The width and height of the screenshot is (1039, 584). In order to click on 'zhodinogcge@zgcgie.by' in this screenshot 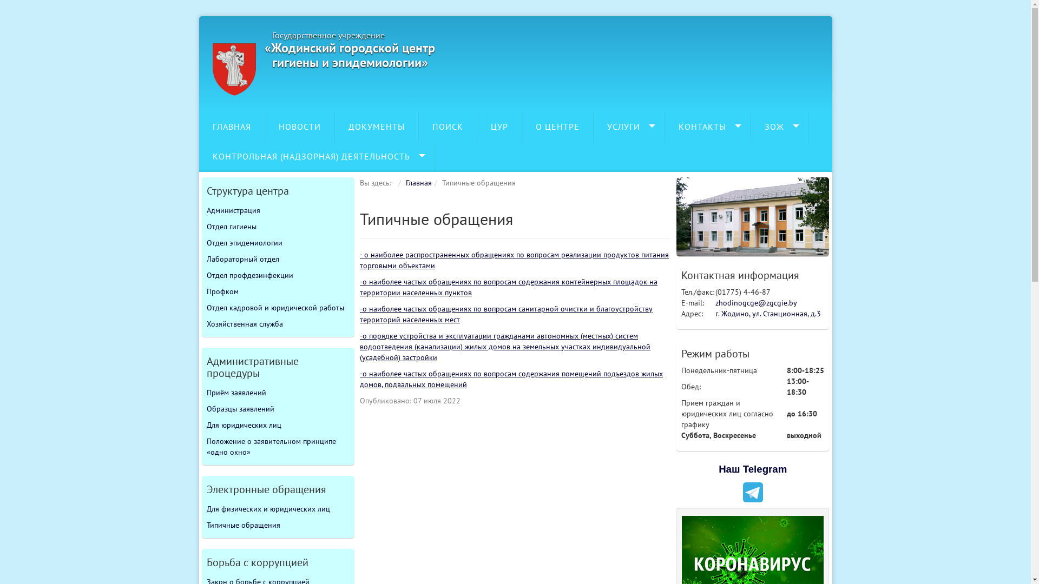, I will do `click(715, 302)`.